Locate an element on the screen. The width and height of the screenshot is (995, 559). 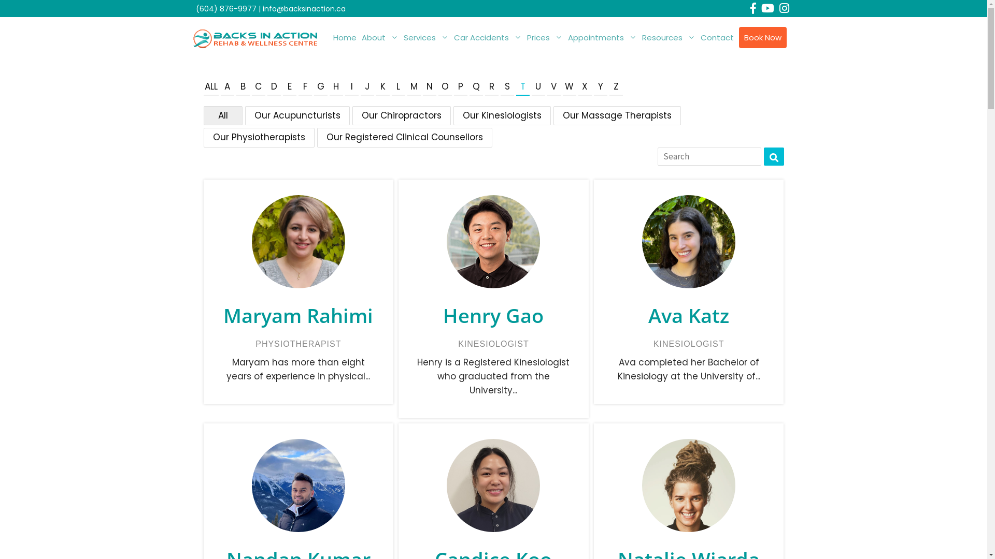
'D' is located at coordinates (274, 87).